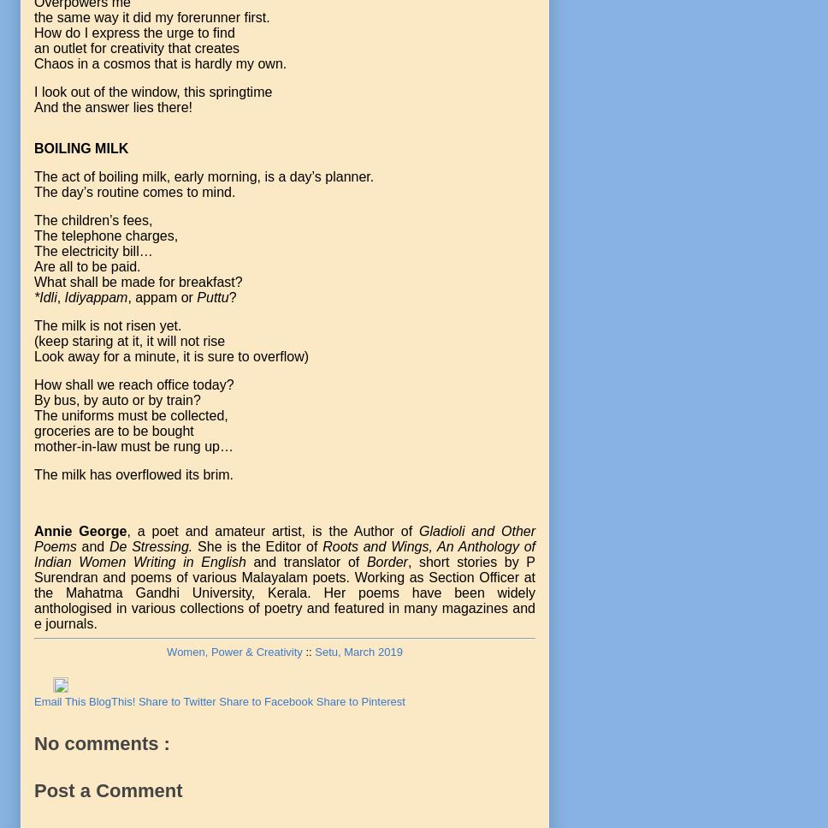 This screenshot has height=828, width=828. What do you see at coordinates (234, 652) in the screenshot?
I see `'Women, Power & Creativity'` at bounding box center [234, 652].